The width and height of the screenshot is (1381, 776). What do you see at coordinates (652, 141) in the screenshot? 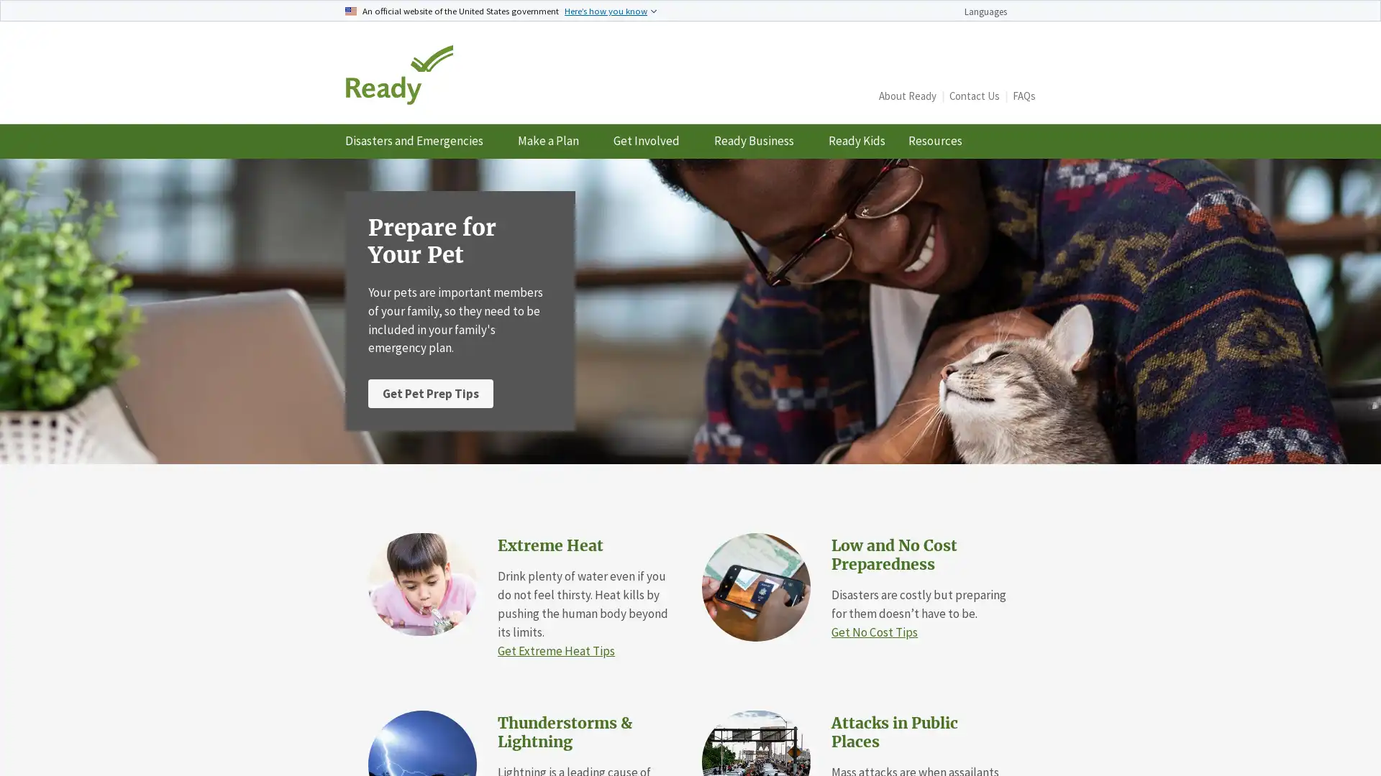
I see `Get Involved` at bounding box center [652, 141].